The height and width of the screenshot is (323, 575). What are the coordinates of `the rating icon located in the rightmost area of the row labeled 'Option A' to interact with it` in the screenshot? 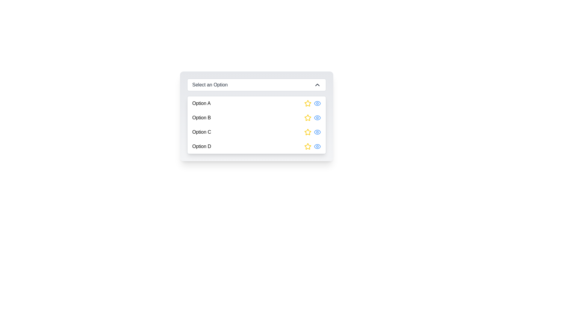 It's located at (308, 103).